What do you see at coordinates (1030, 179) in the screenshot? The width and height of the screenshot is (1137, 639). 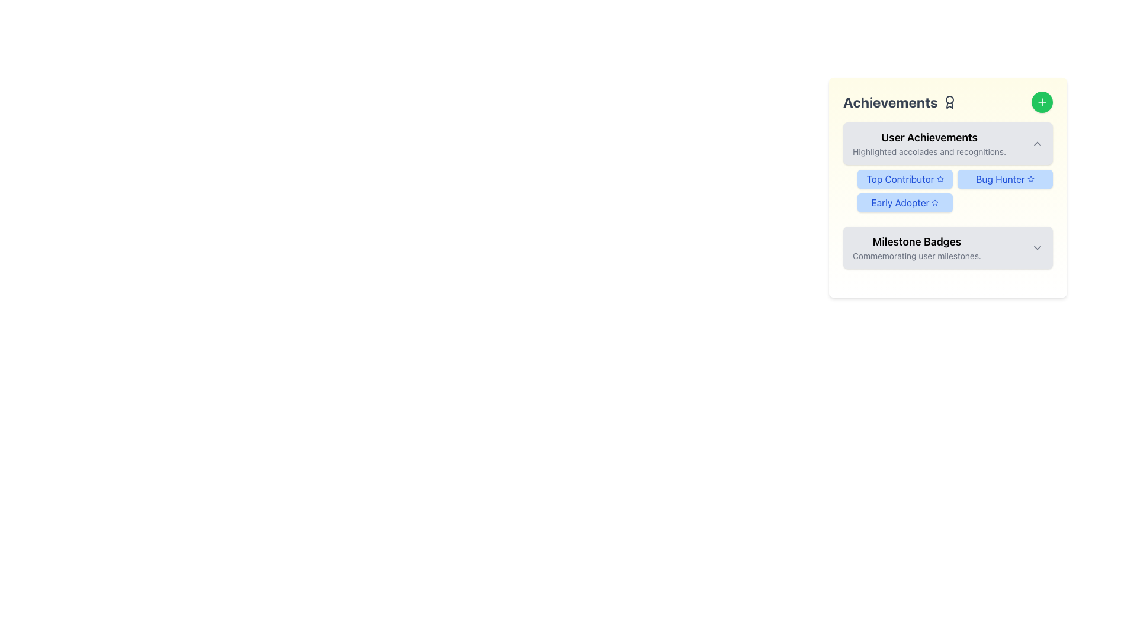 I see `the small star icon located to the right of the 'Bug Hunter' text label within the 'User Achievements' section` at bounding box center [1030, 179].